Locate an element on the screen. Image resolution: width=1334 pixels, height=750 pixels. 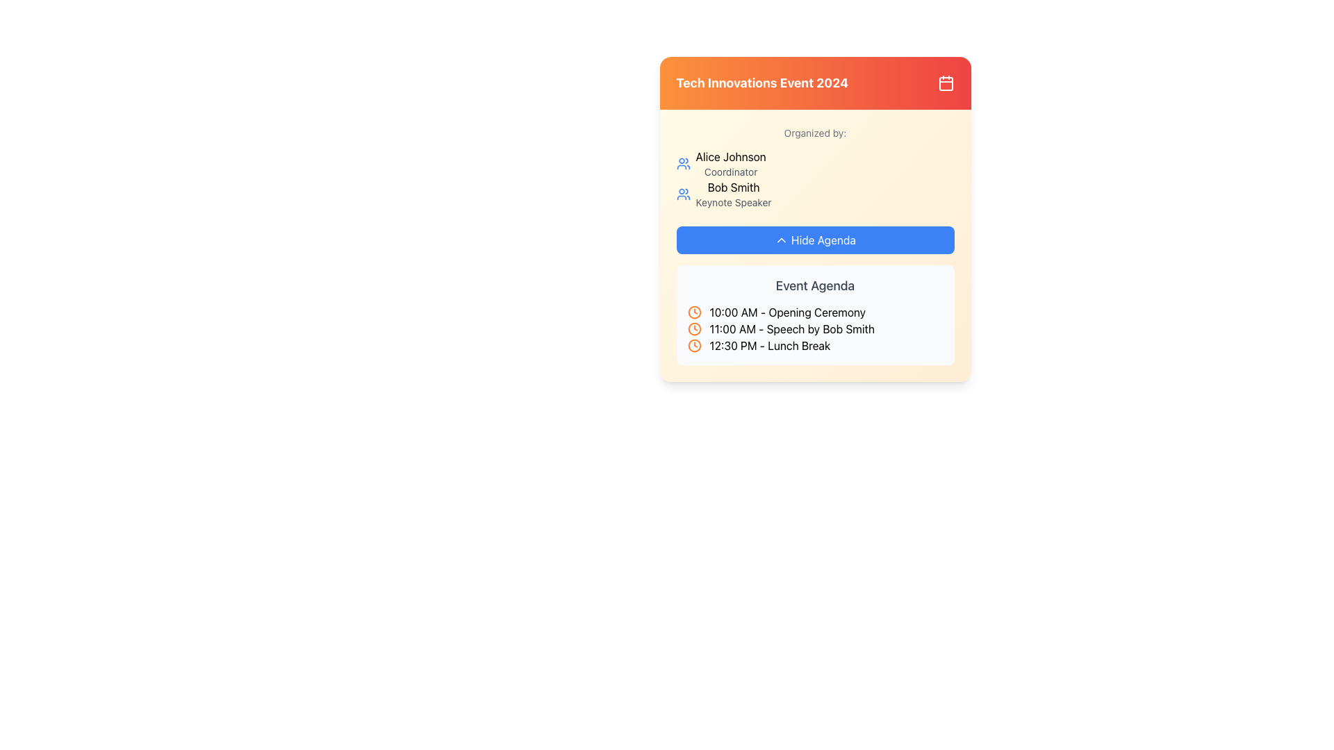
the orange circular clock icon located next to the '11:00 AM - Speech by Bob Smith' text in the Event Agenda section of the card layout is located at coordinates (694, 329).